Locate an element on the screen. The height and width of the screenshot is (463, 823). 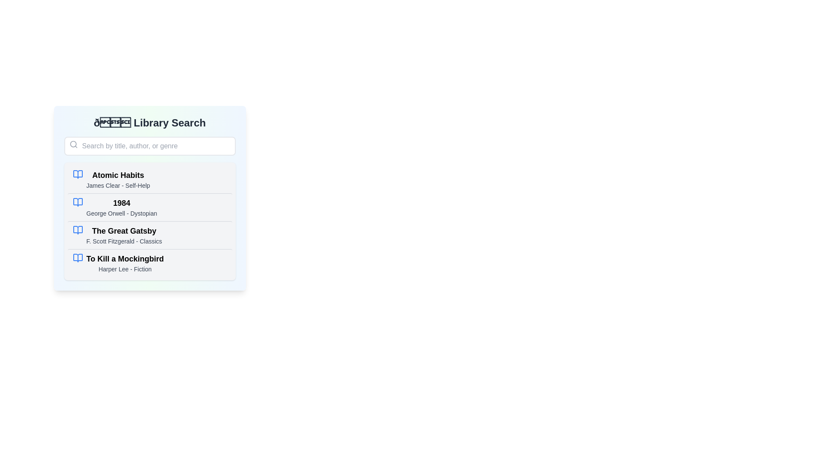
the book icon representing 'Atomic Habits' located at the leftmost position of the list item is located at coordinates (78, 174).